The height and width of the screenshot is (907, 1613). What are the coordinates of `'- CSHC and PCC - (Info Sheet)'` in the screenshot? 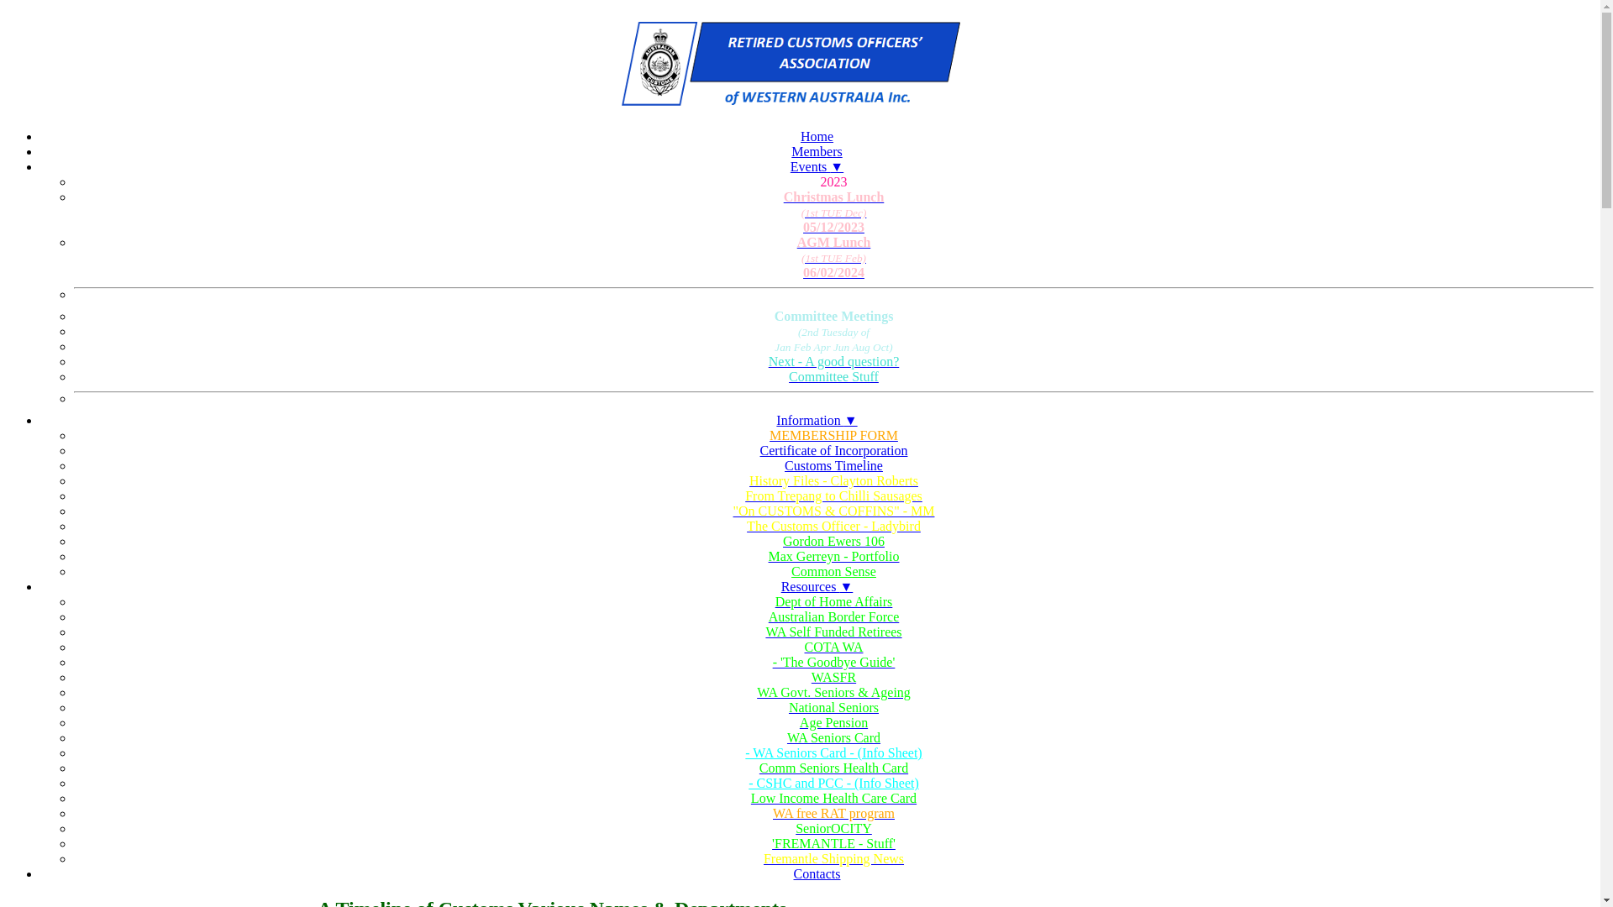 It's located at (833, 783).